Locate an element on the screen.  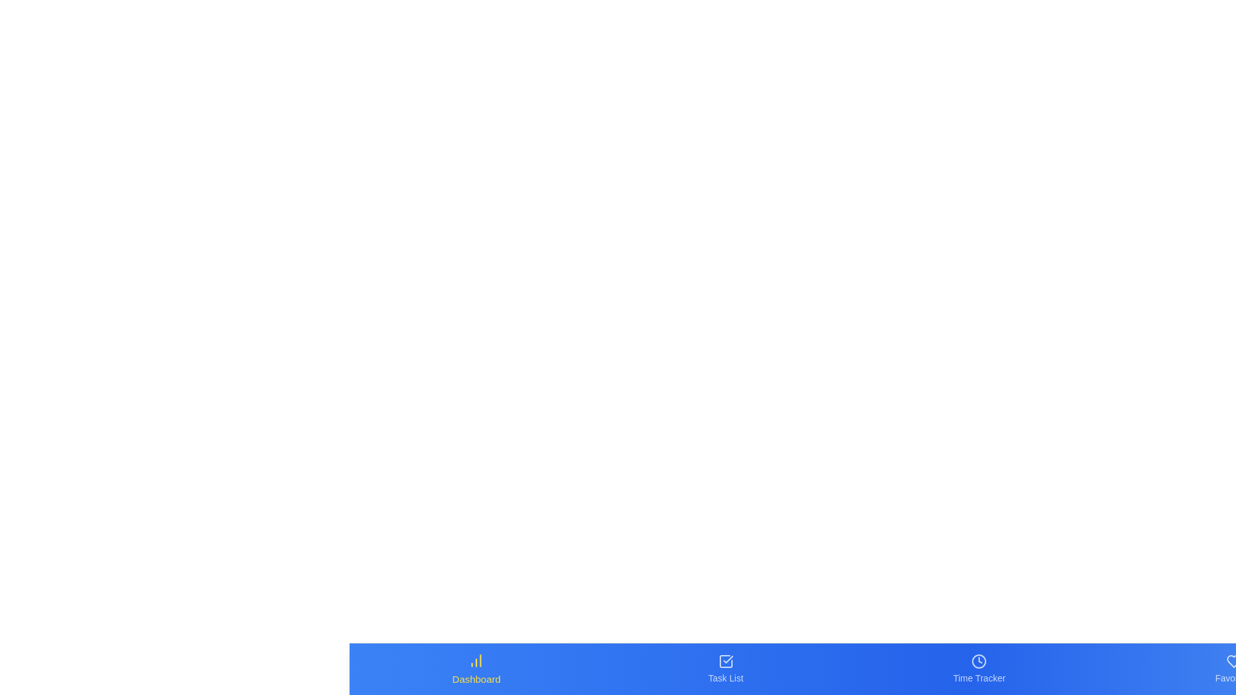
the Task List tab in the bottom navigation bar is located at coordinates (726, 669).